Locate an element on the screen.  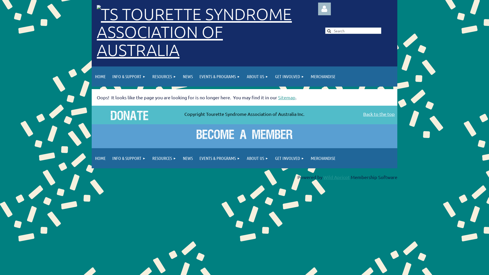
'Wild Apricot' is located at coordinates (336, 177).